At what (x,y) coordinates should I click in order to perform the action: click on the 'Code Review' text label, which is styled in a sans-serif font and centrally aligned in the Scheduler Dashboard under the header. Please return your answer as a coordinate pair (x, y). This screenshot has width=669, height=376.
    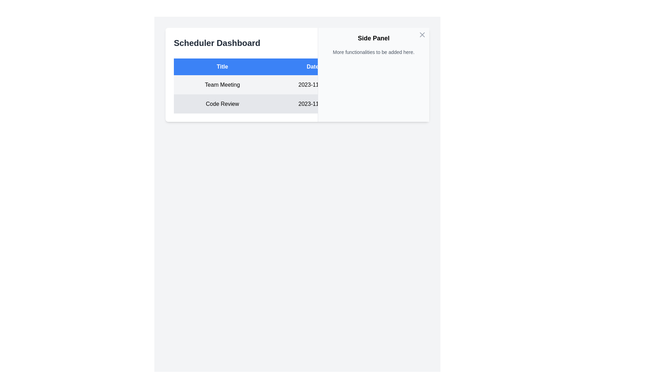
    Looking at the image, I should click on (222, 104).